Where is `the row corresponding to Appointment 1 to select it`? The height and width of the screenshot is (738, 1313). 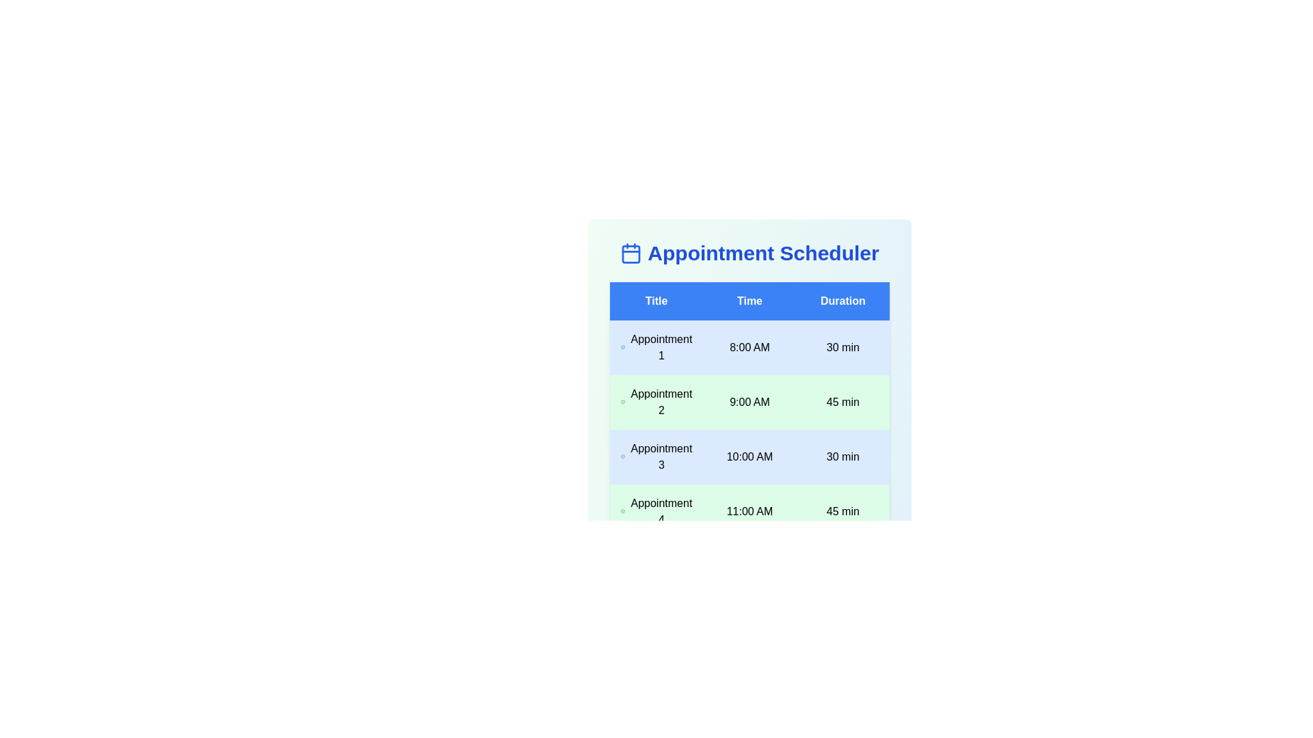
the row corresponding to Appointment 1 to select it is located at coordinates (749, 347).